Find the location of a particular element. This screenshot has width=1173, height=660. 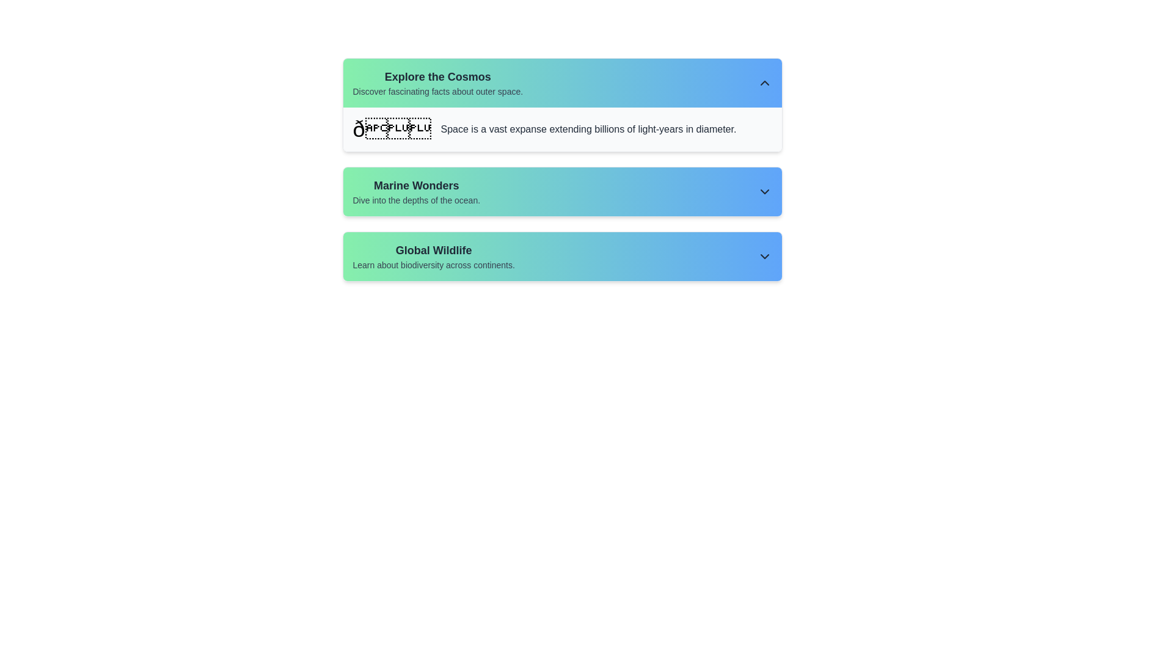

keyboard navigation is located at coordinates (561, 256).